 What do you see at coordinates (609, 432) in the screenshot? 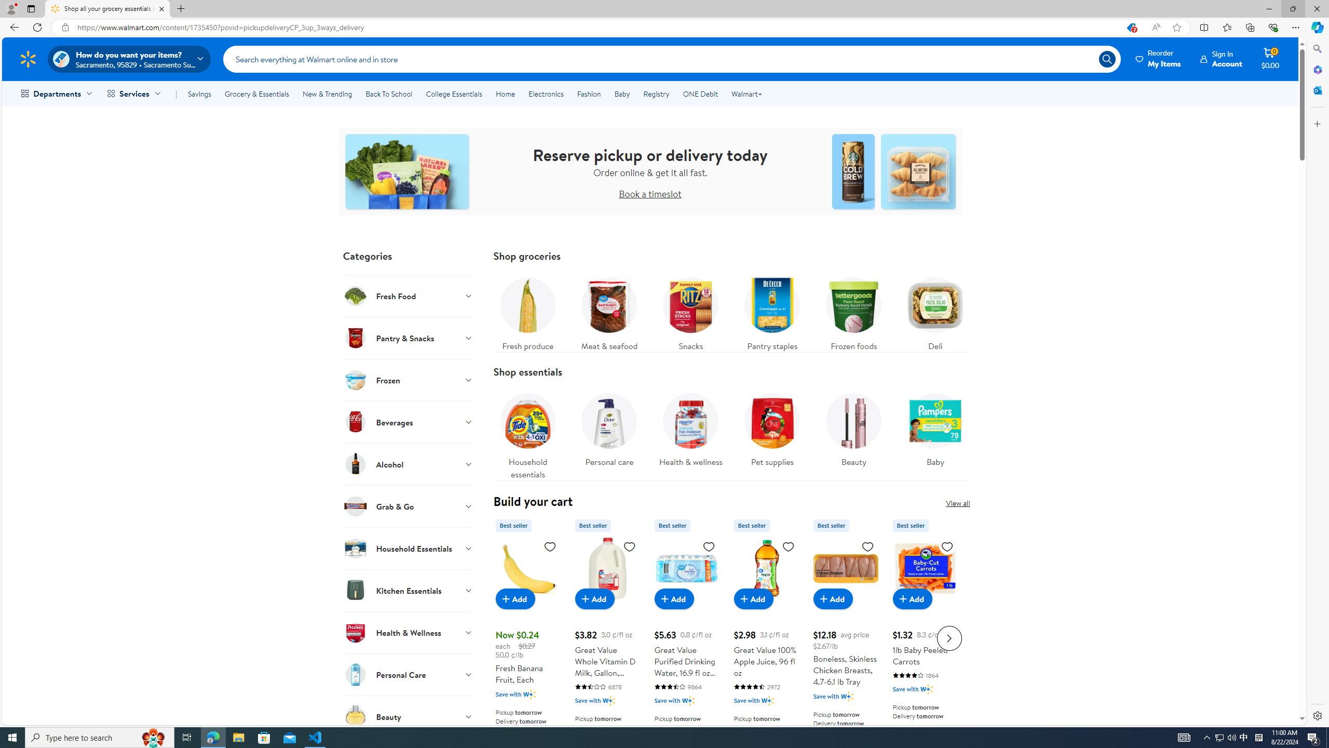
I see `'Personal care'` at bounding box center [609, 432].